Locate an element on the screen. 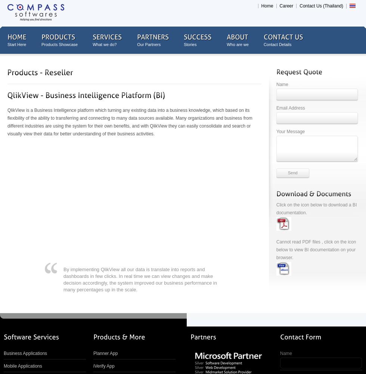 The height and width of the screenshot is (374, 366). 'Click on the icon below to download a BI documentation.' is located at coordinates (316, 209).